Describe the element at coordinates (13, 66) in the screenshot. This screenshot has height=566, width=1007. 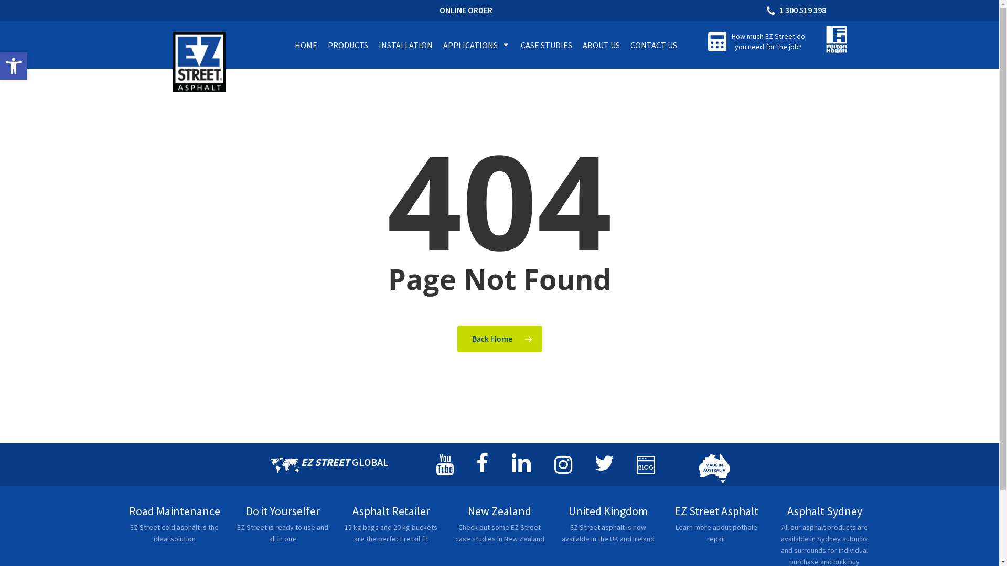
I see `'Open toolbar` at that location.